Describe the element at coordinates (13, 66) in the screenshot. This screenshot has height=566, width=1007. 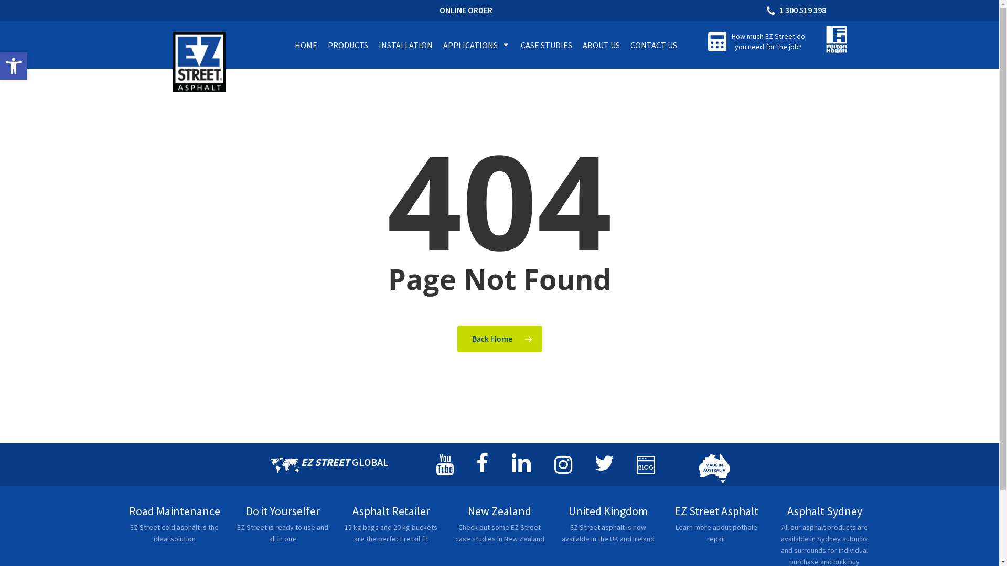
I see `'Open toolbar` at that location.